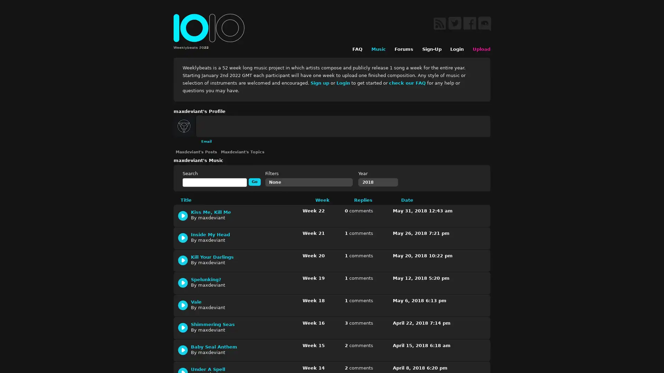  Describe the element at coordinates (254, 181) in the screenshot. I see `Go` at that location.